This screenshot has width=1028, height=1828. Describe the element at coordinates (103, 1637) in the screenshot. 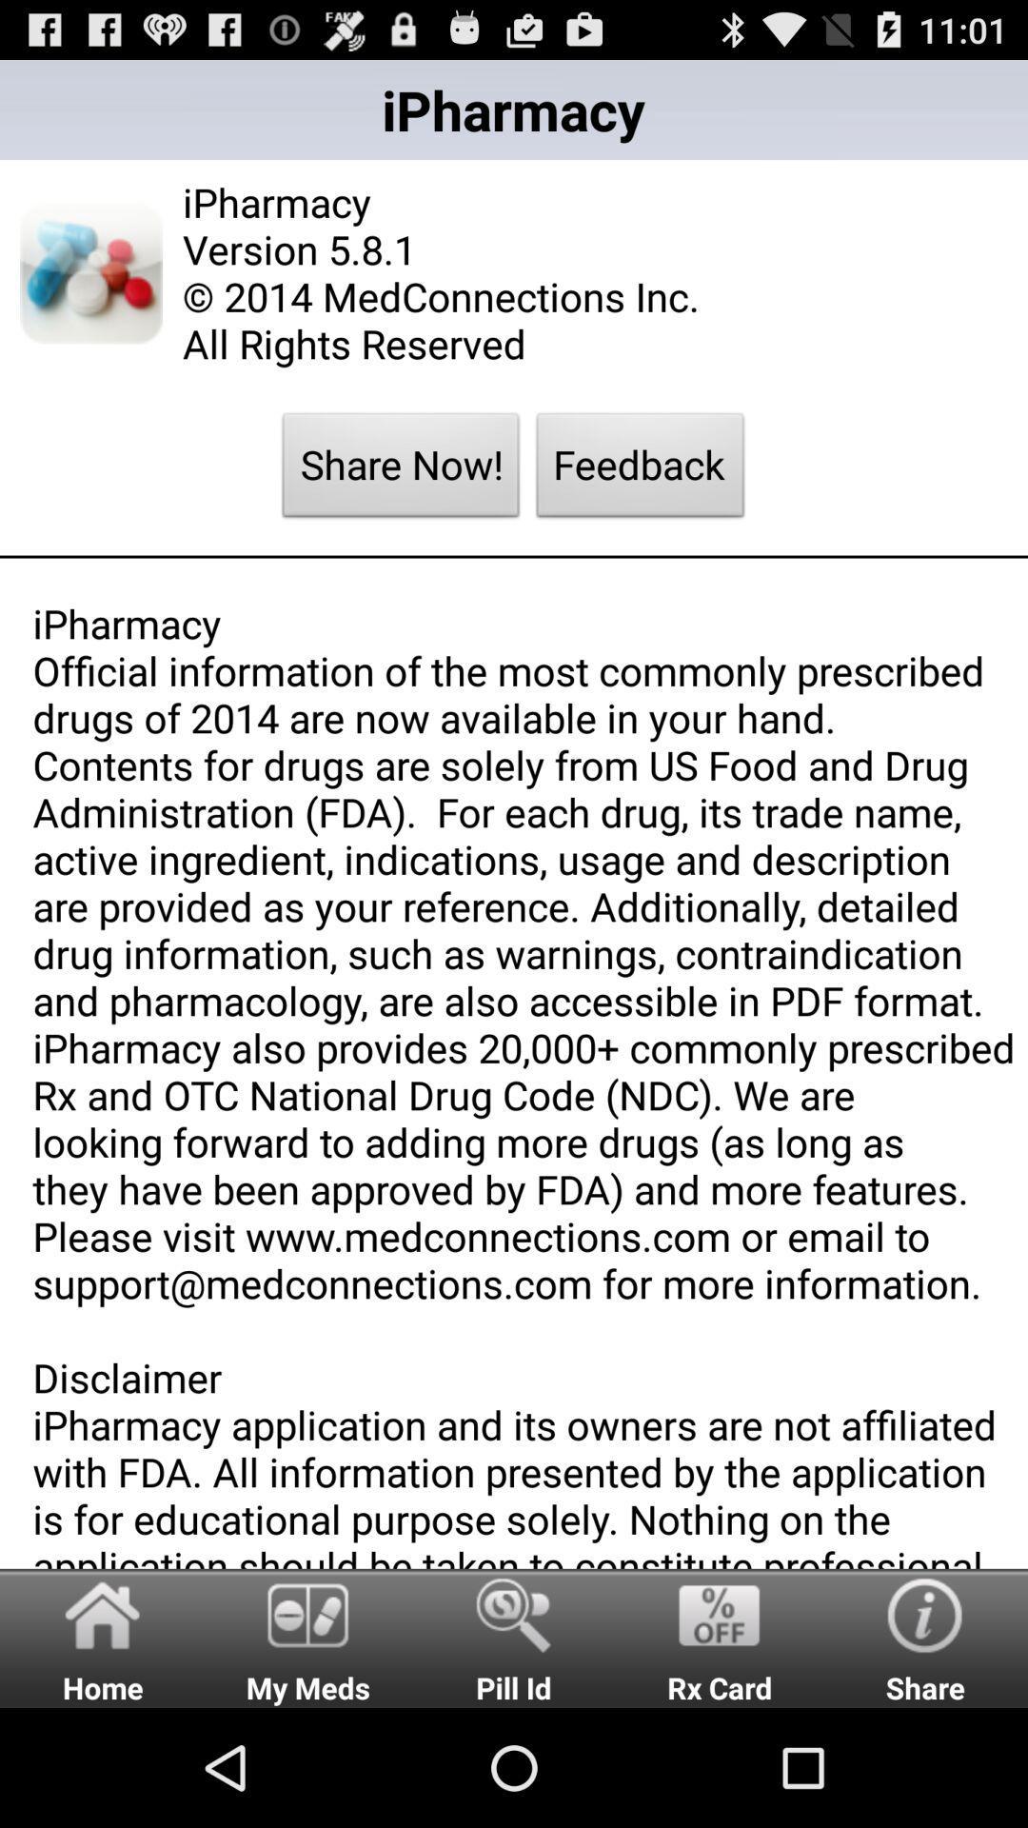

I see `radio button to the left of the my meds radio button` at that location.